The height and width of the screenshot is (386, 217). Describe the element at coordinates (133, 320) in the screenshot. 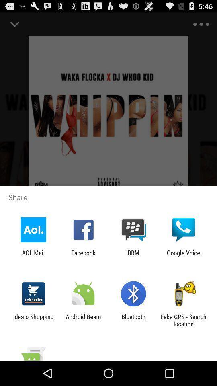

I see `bluetooth` at that location.